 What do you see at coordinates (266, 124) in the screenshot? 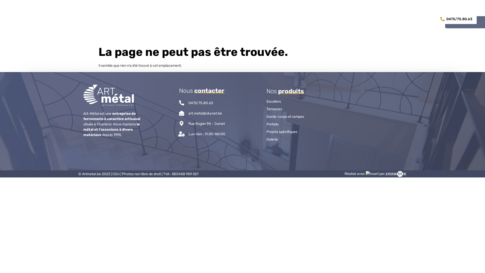
I see `'Portails'` at bounding box center [266, 124].